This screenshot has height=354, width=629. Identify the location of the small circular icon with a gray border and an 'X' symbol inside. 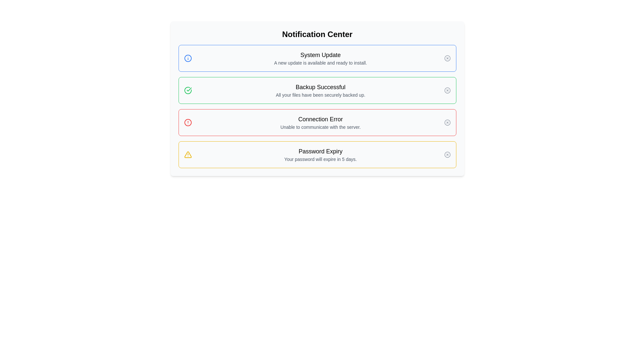
(447, 154).